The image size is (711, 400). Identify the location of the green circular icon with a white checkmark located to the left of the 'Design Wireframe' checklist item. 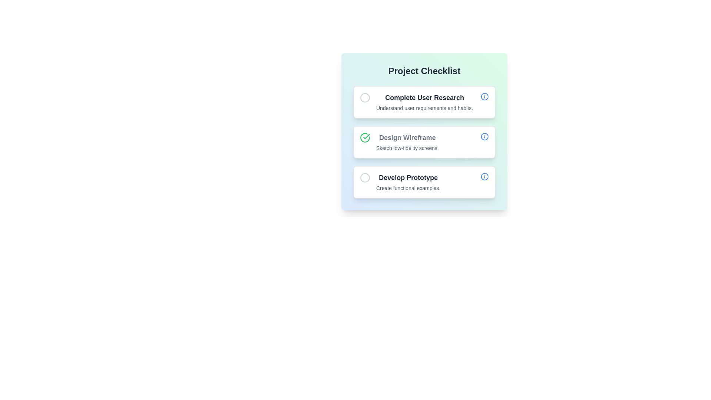
(365, 137).